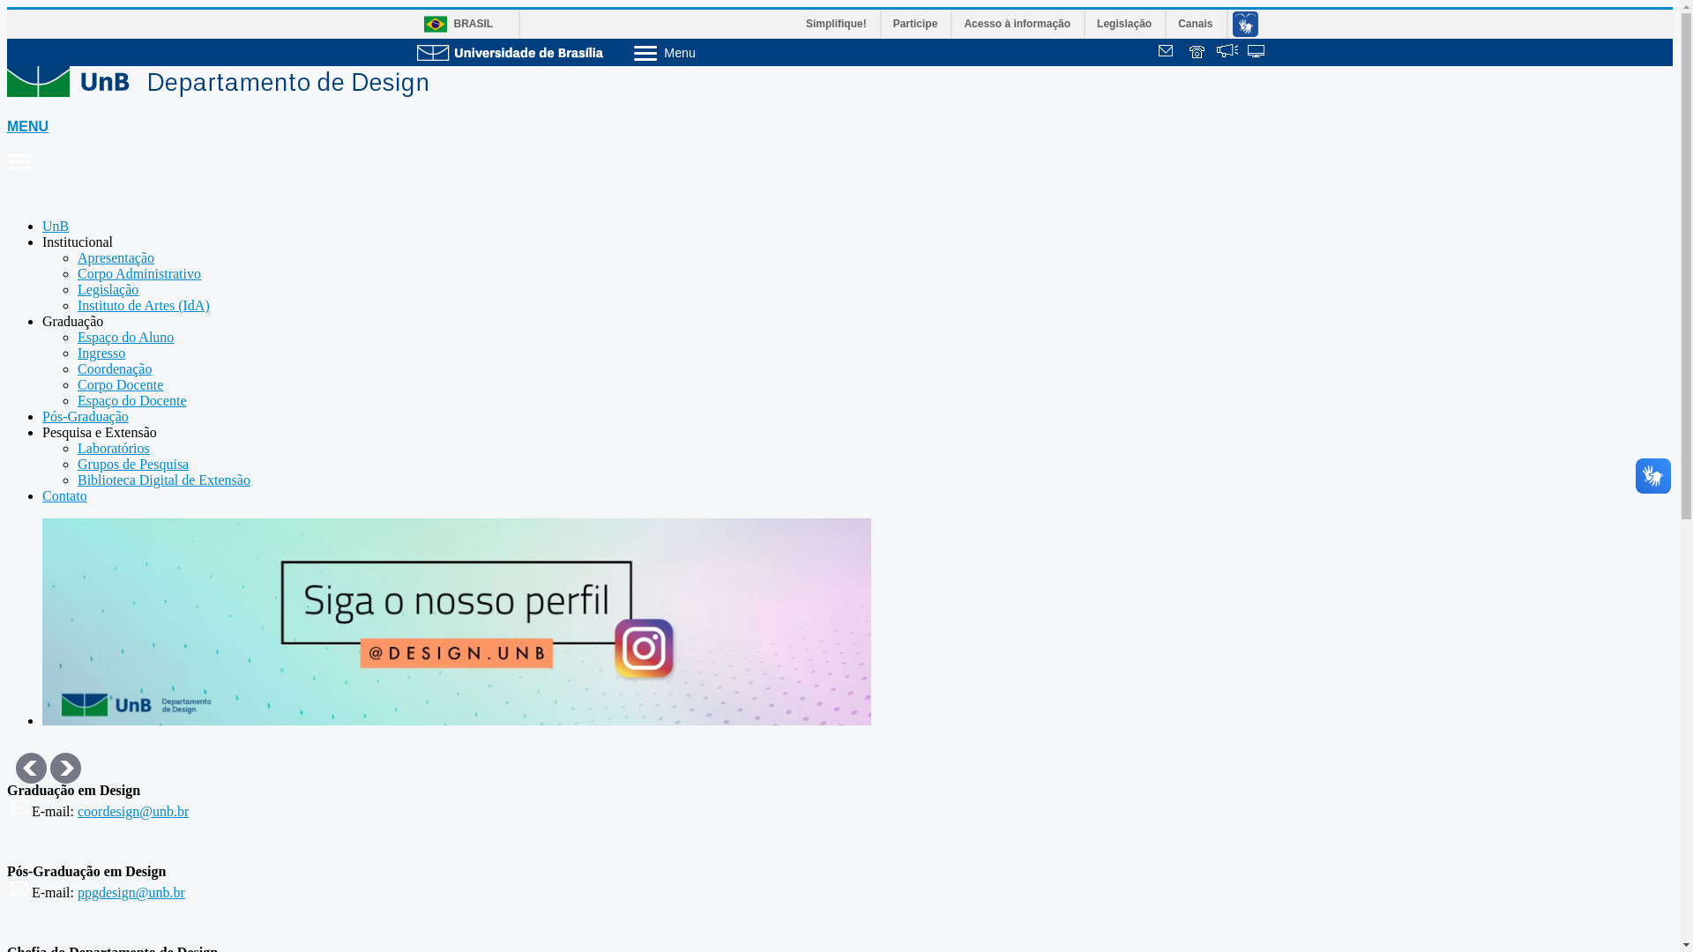 The height and width of the screenshot is (952, 1693). What do you see at coordinates (1196, 24) in the screenshot?
I see `'Canais'` at bounding box center [1196, 24].